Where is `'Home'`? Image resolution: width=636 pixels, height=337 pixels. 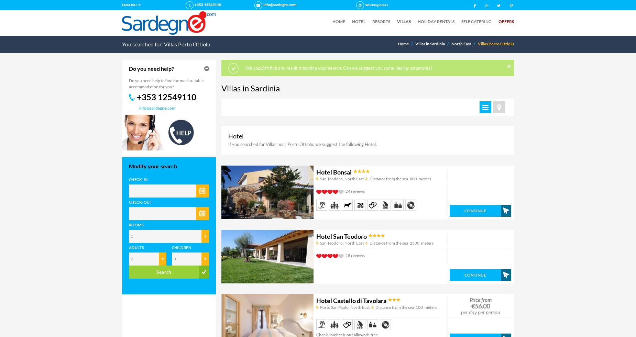
'Home' is located at coordinates (402, 43).